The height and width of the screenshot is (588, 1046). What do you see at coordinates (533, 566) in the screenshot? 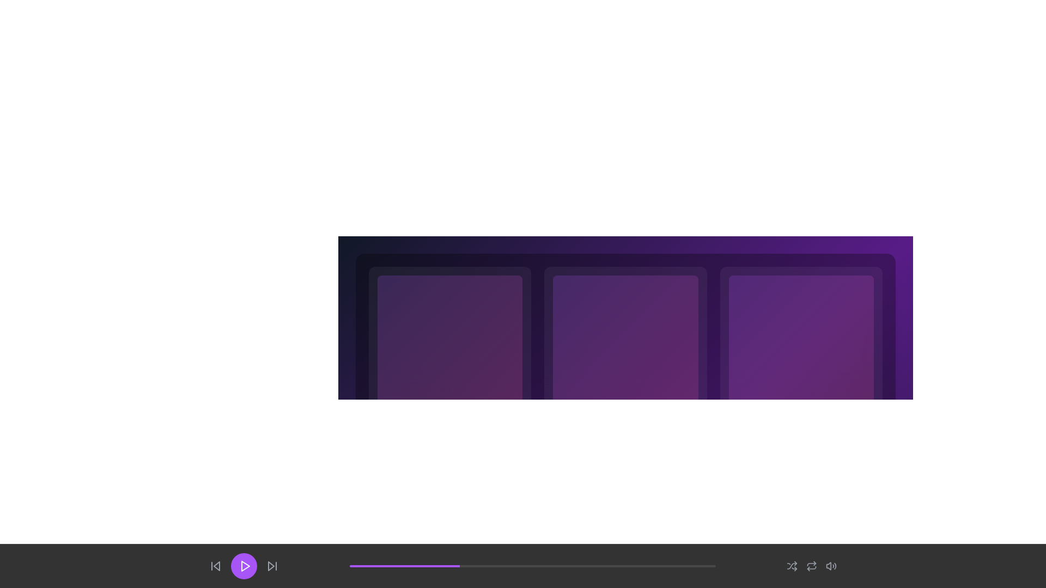
I see `the progress bar located at the bottom center of the interface` at bounding box center [533, 566].